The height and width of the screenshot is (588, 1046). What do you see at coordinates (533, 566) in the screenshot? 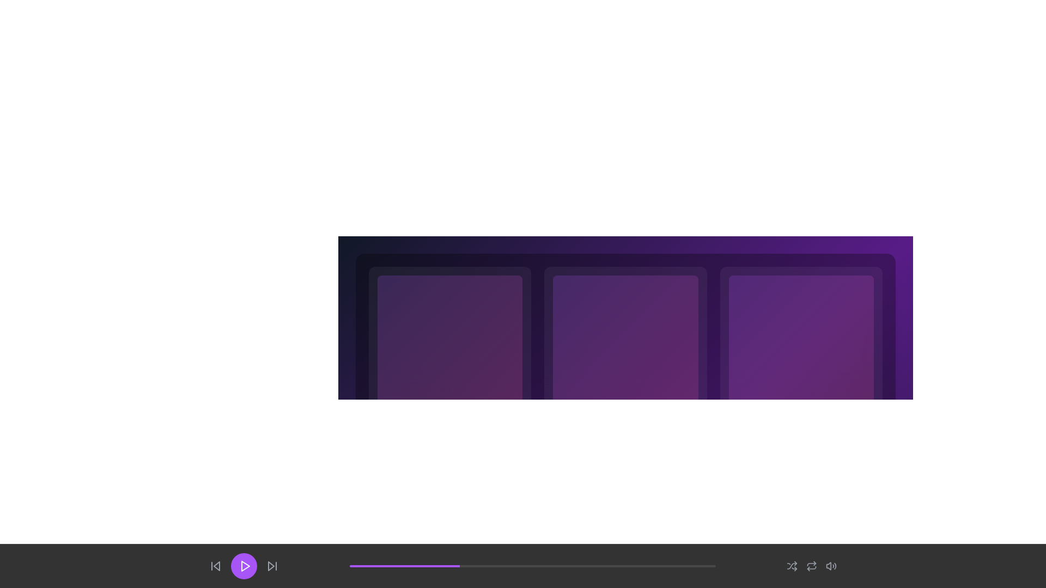
I see `the progress bar located at the bottom center of the interface` at bounding box center [533, 566].